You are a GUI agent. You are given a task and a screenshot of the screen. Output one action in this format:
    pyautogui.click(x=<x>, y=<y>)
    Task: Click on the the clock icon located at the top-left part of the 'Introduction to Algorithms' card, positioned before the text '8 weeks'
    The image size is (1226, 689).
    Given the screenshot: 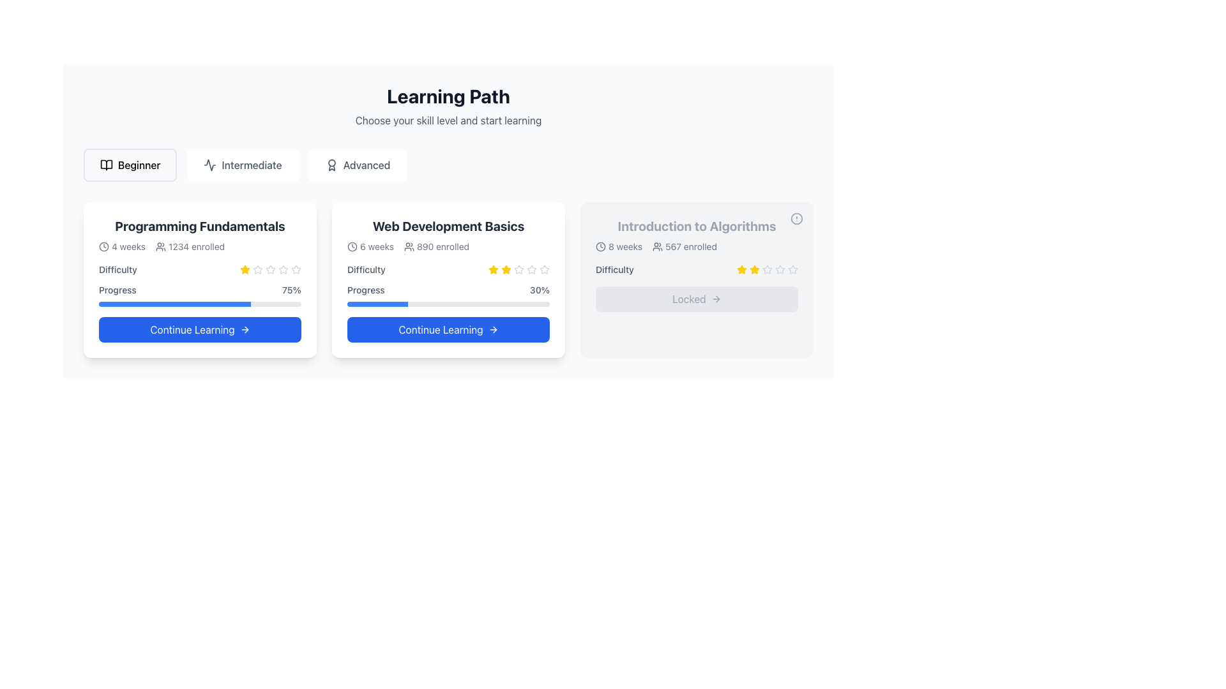 What is the action you would take?
    pyautogui.click(x=600, y=246)
    